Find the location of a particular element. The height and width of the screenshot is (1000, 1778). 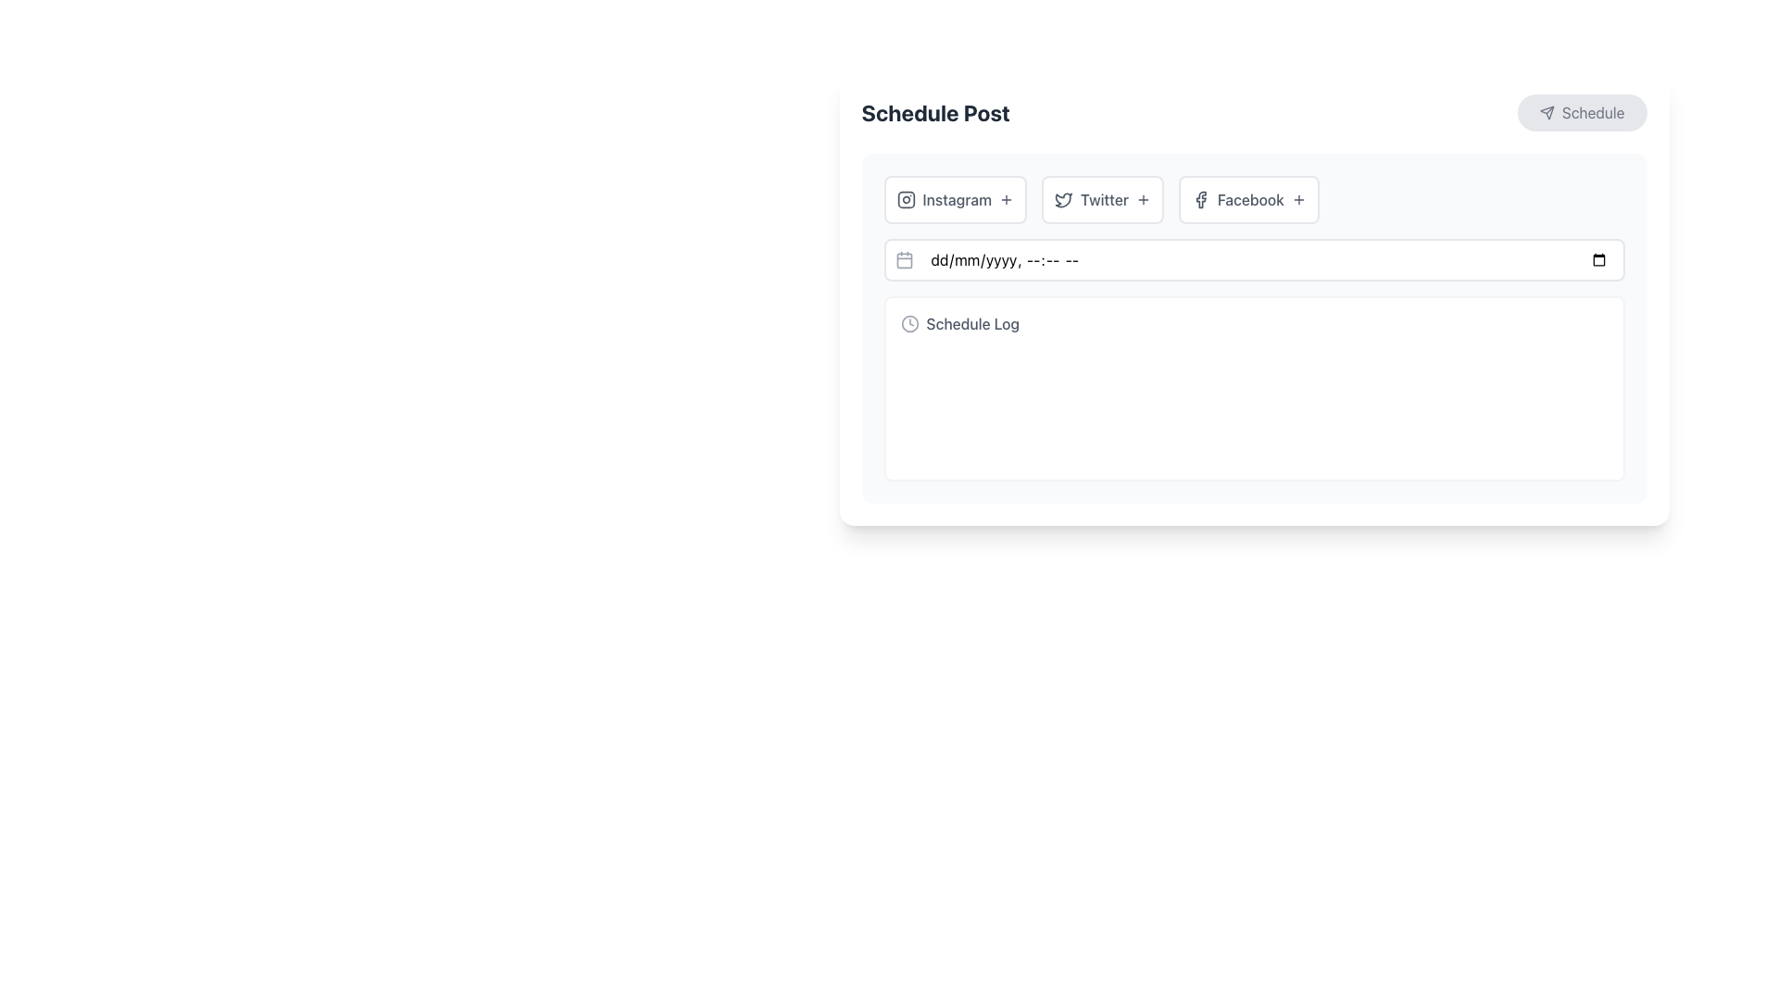

the 'Schedule' button located in the top-right corner of the scheduling interface is located at coordinates (1546, 113).